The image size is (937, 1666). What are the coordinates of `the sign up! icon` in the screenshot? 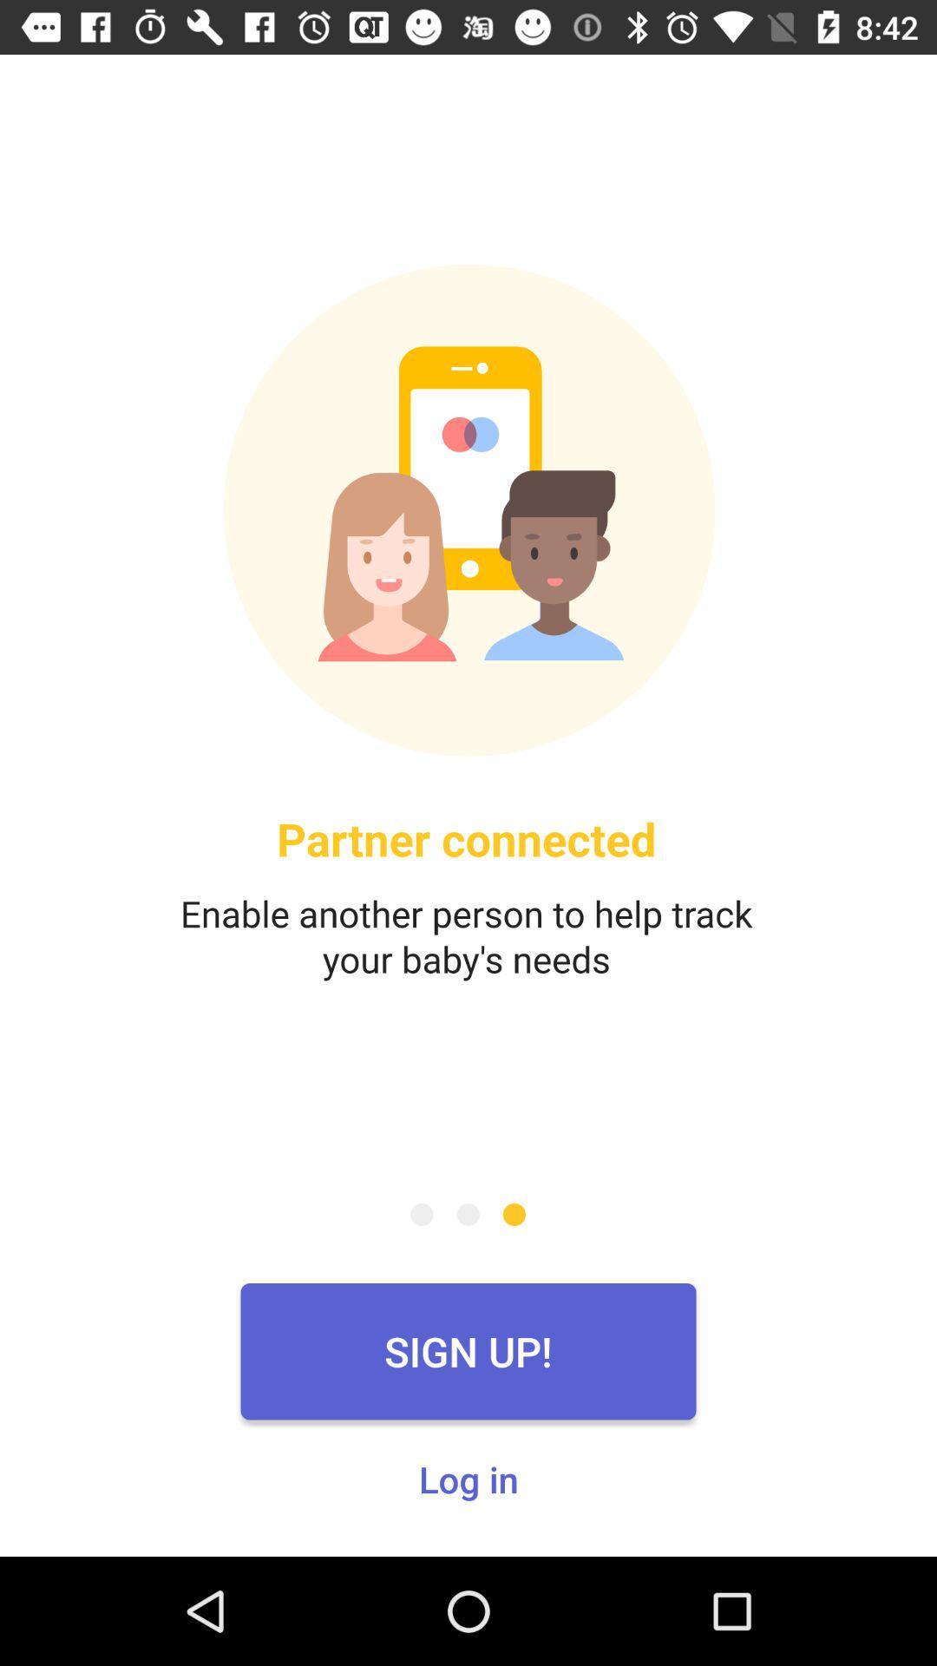 It's located at (468, 1350).